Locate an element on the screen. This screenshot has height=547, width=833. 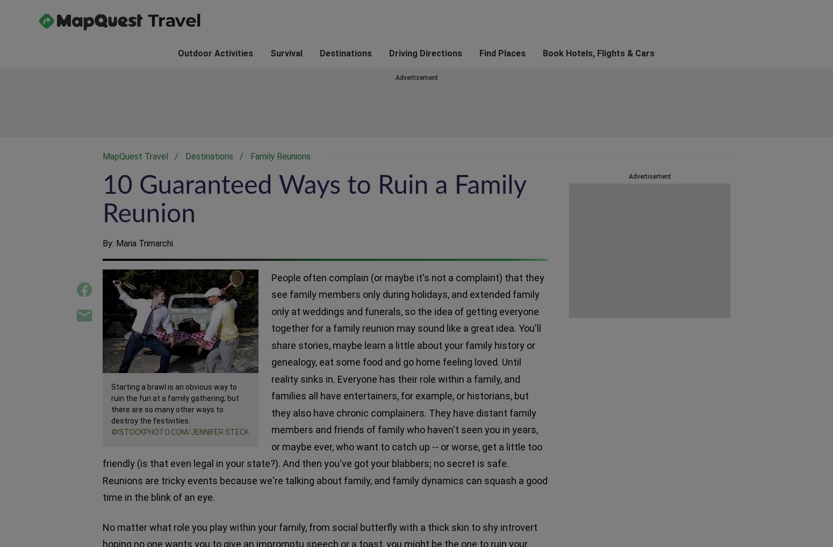
'Survival' is located at coordinates (286, 53).